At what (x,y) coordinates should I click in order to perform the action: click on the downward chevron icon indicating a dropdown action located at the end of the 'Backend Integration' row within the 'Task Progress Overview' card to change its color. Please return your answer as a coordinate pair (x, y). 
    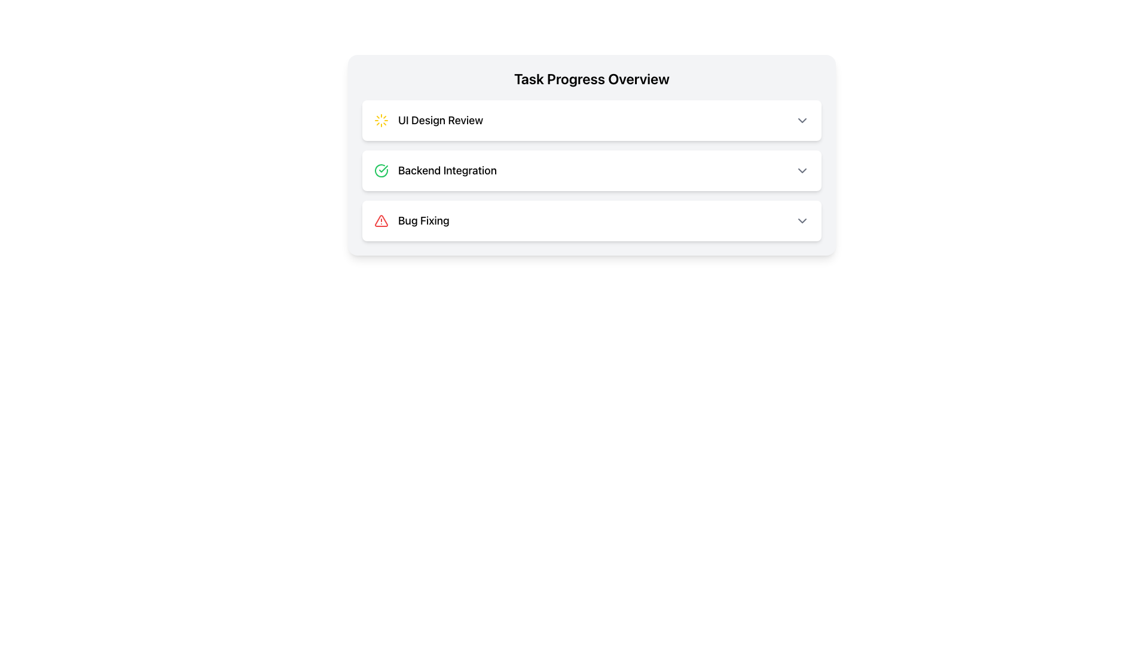
    Looking at the image, I should click on (802, 170).